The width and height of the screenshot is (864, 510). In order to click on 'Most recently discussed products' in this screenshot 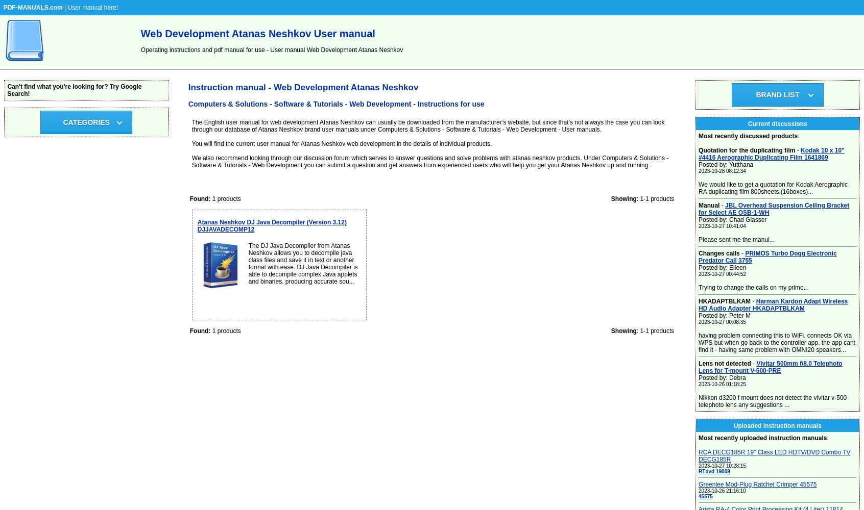, I will do `click(747, 136)`.